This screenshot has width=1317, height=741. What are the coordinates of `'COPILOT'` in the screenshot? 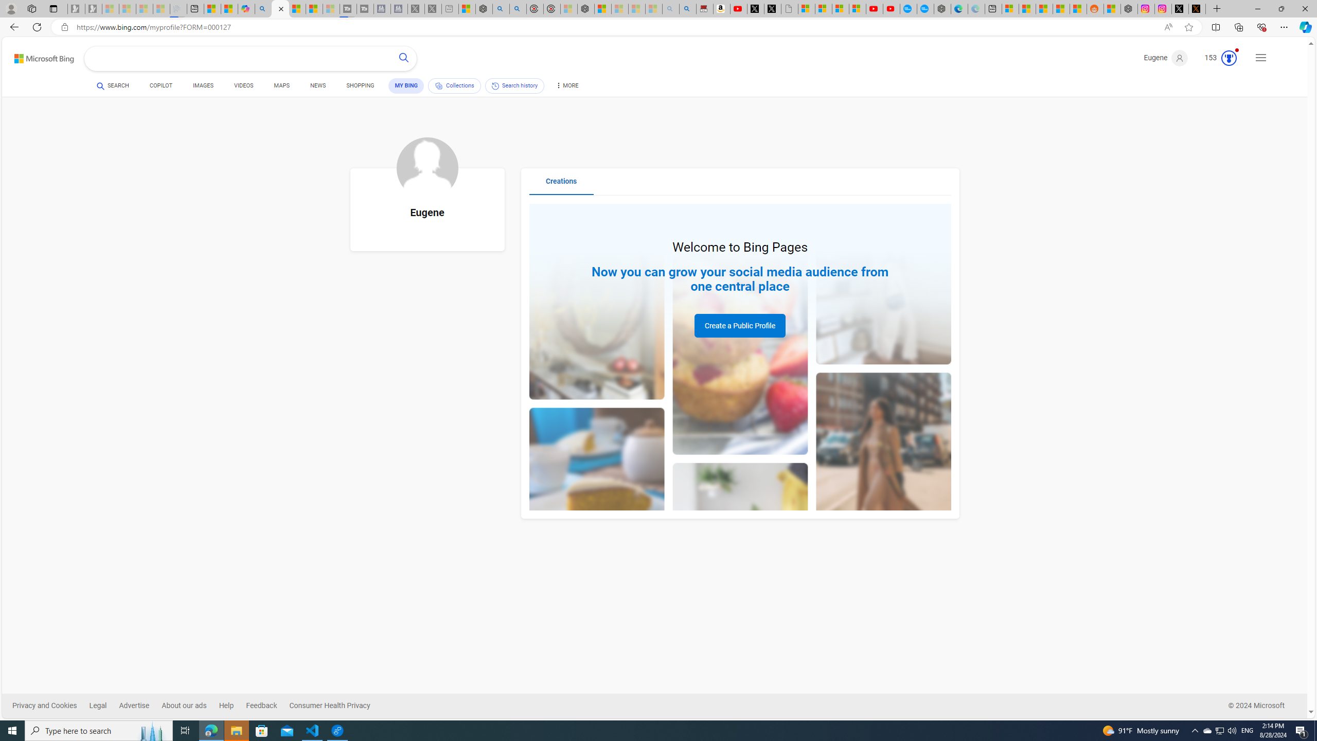 It's located at (161, 86).